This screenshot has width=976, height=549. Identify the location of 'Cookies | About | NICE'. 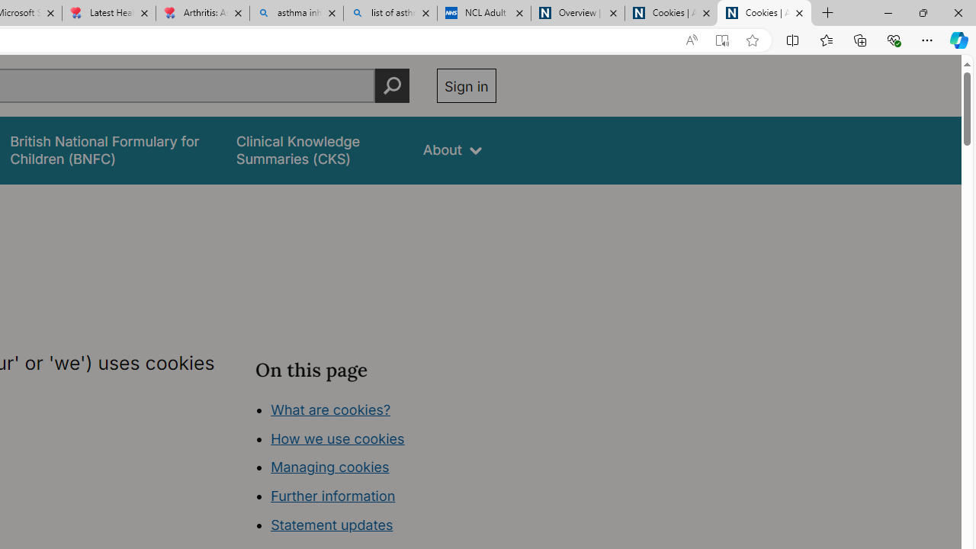
(764, 13).